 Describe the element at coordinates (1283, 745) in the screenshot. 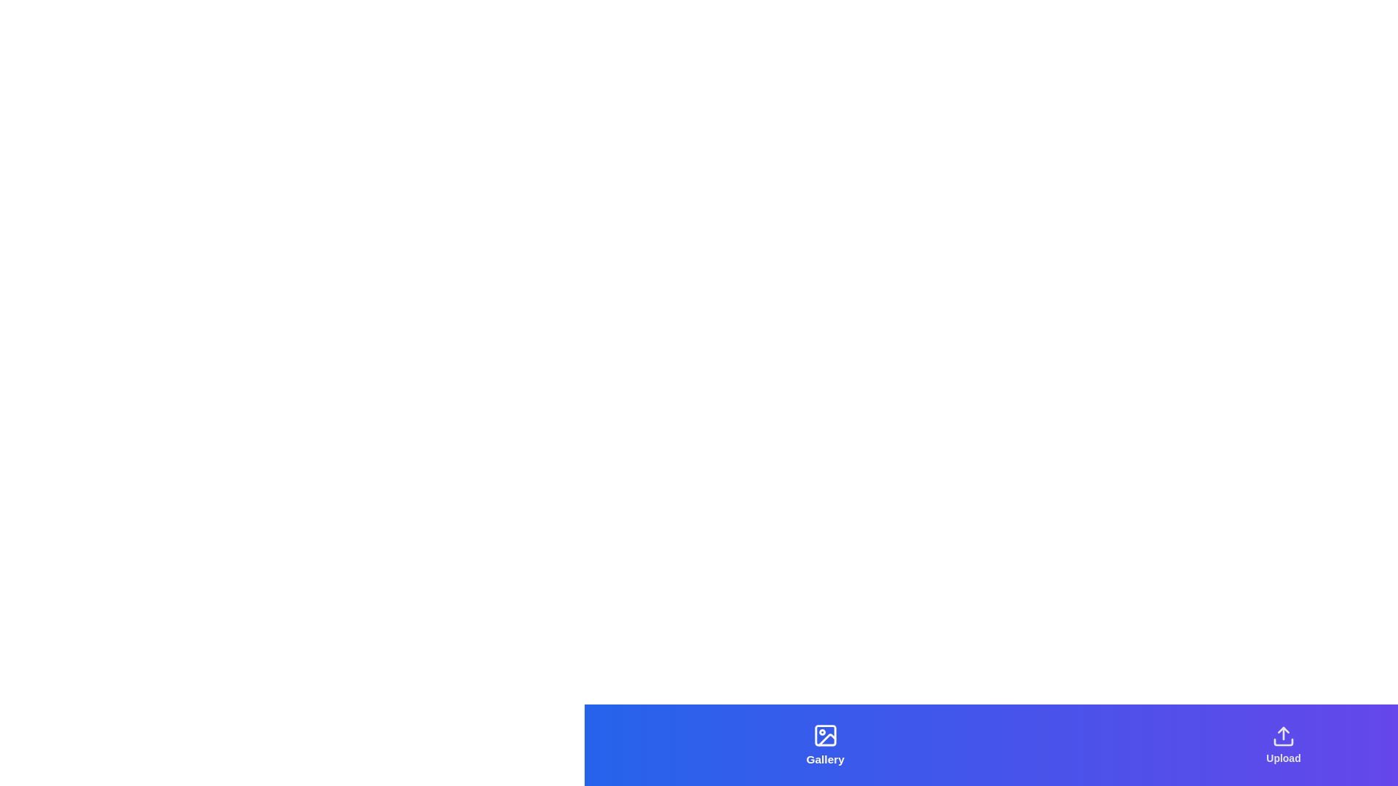

I see `the Upload tab to navigate to its corresponding view` at that location.